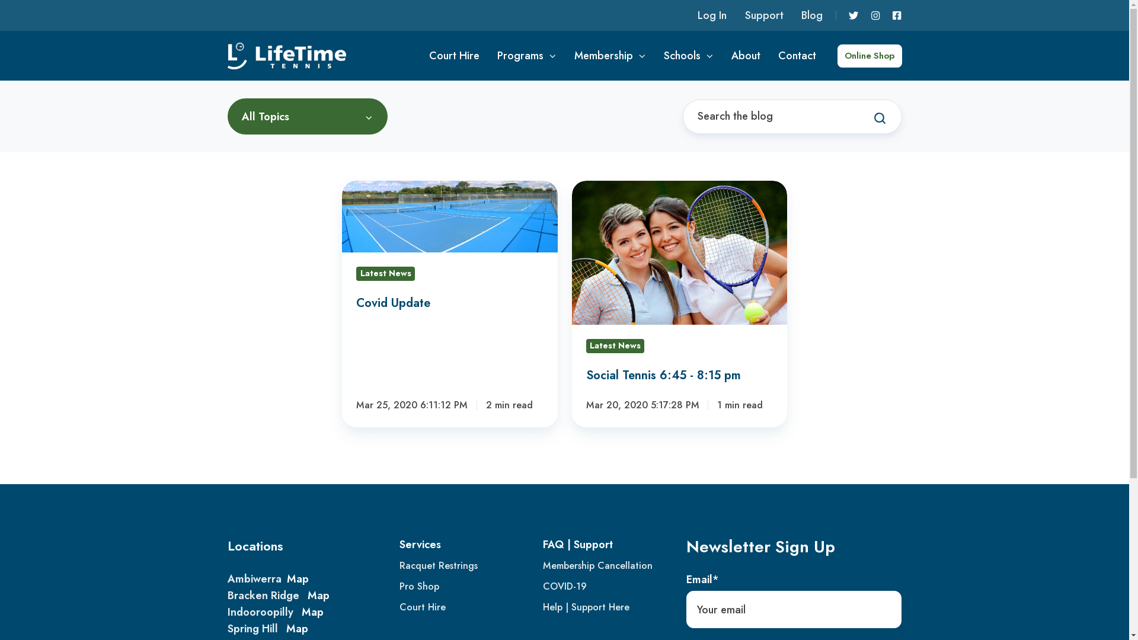 The height and width of the screenshot is (640, 1138). I want to click on 'Schools', so click(688, 55).